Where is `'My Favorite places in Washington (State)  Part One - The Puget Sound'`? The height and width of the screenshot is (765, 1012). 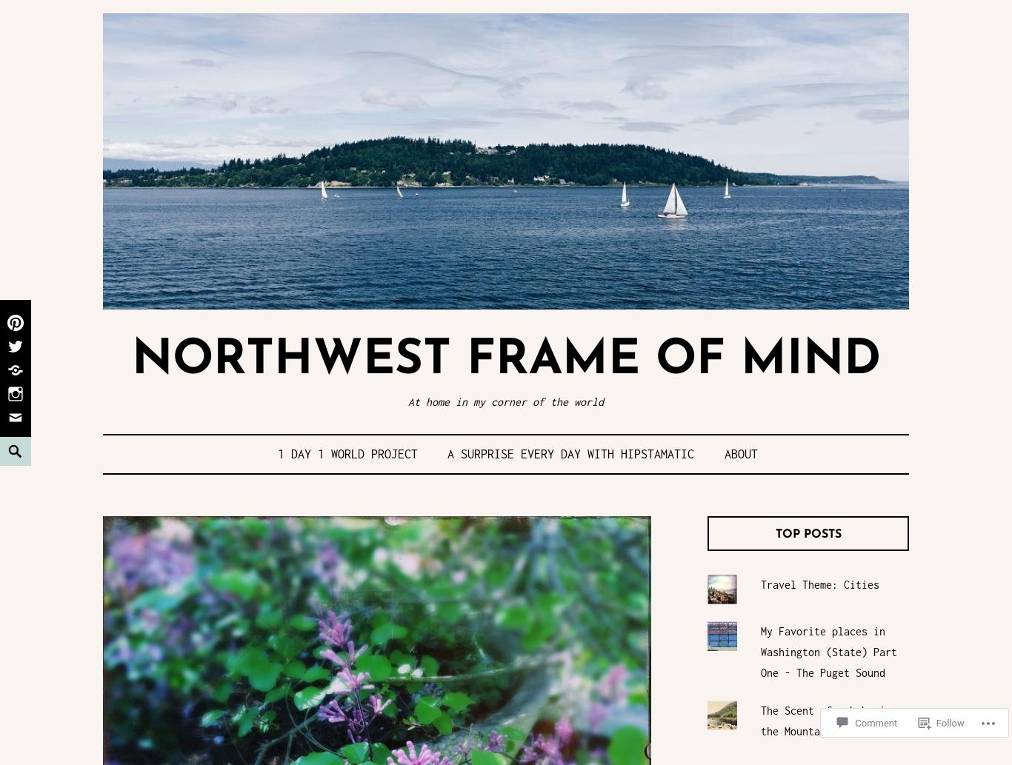 'My Favorite places in Washington (State)  Part One - The Puget Sound' is located at coordinates (828, 651).